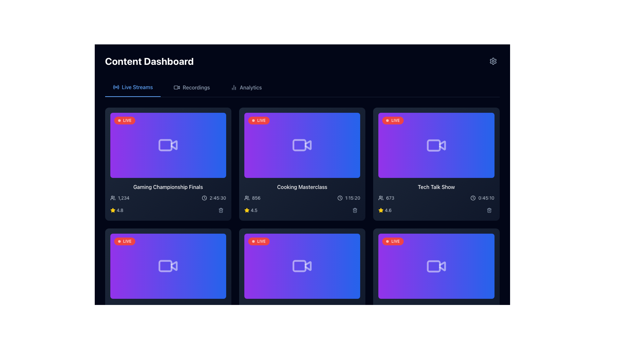 Image resolution: width=623 pixels, height=350 pixels. Describe the element at coordinates (483, 197) in the screenshot. I see `duration text located in the bottom-right corner of the 'Tech Talk Show' card in the third column of the top row, next to a delete/trash icon` at that location.